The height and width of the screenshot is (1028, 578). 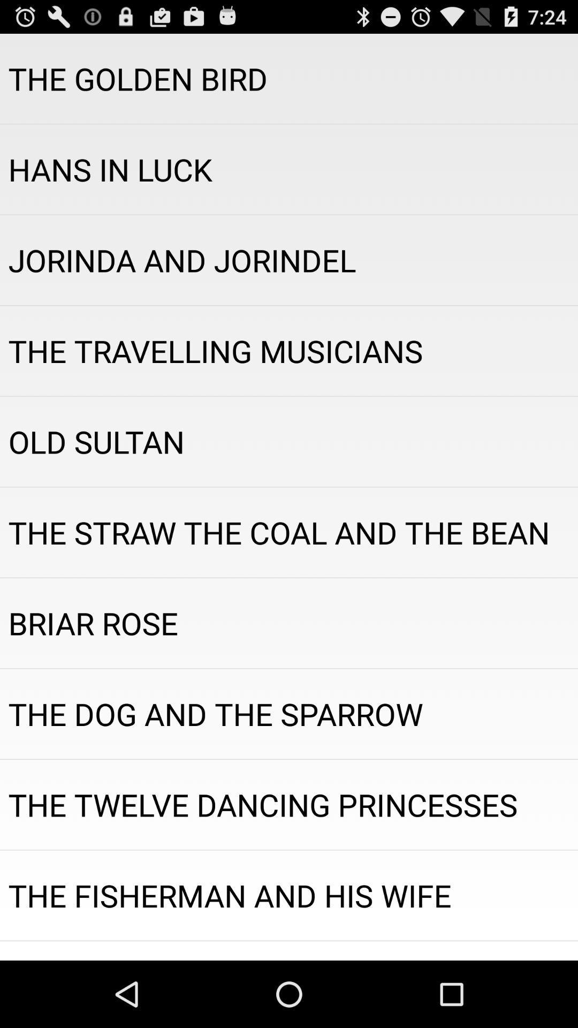 What do you see at coordinates (289, 804) in the screenshot?
I see `icon above the fisherman and app` at bounding box center [289, 804].